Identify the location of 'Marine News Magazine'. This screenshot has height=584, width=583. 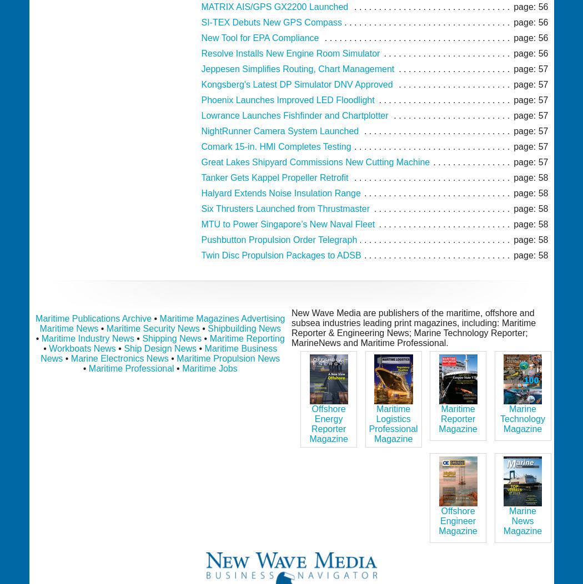
(522, 520).